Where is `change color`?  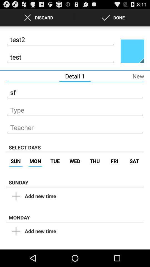
change color is located at coordinates (132, 51).